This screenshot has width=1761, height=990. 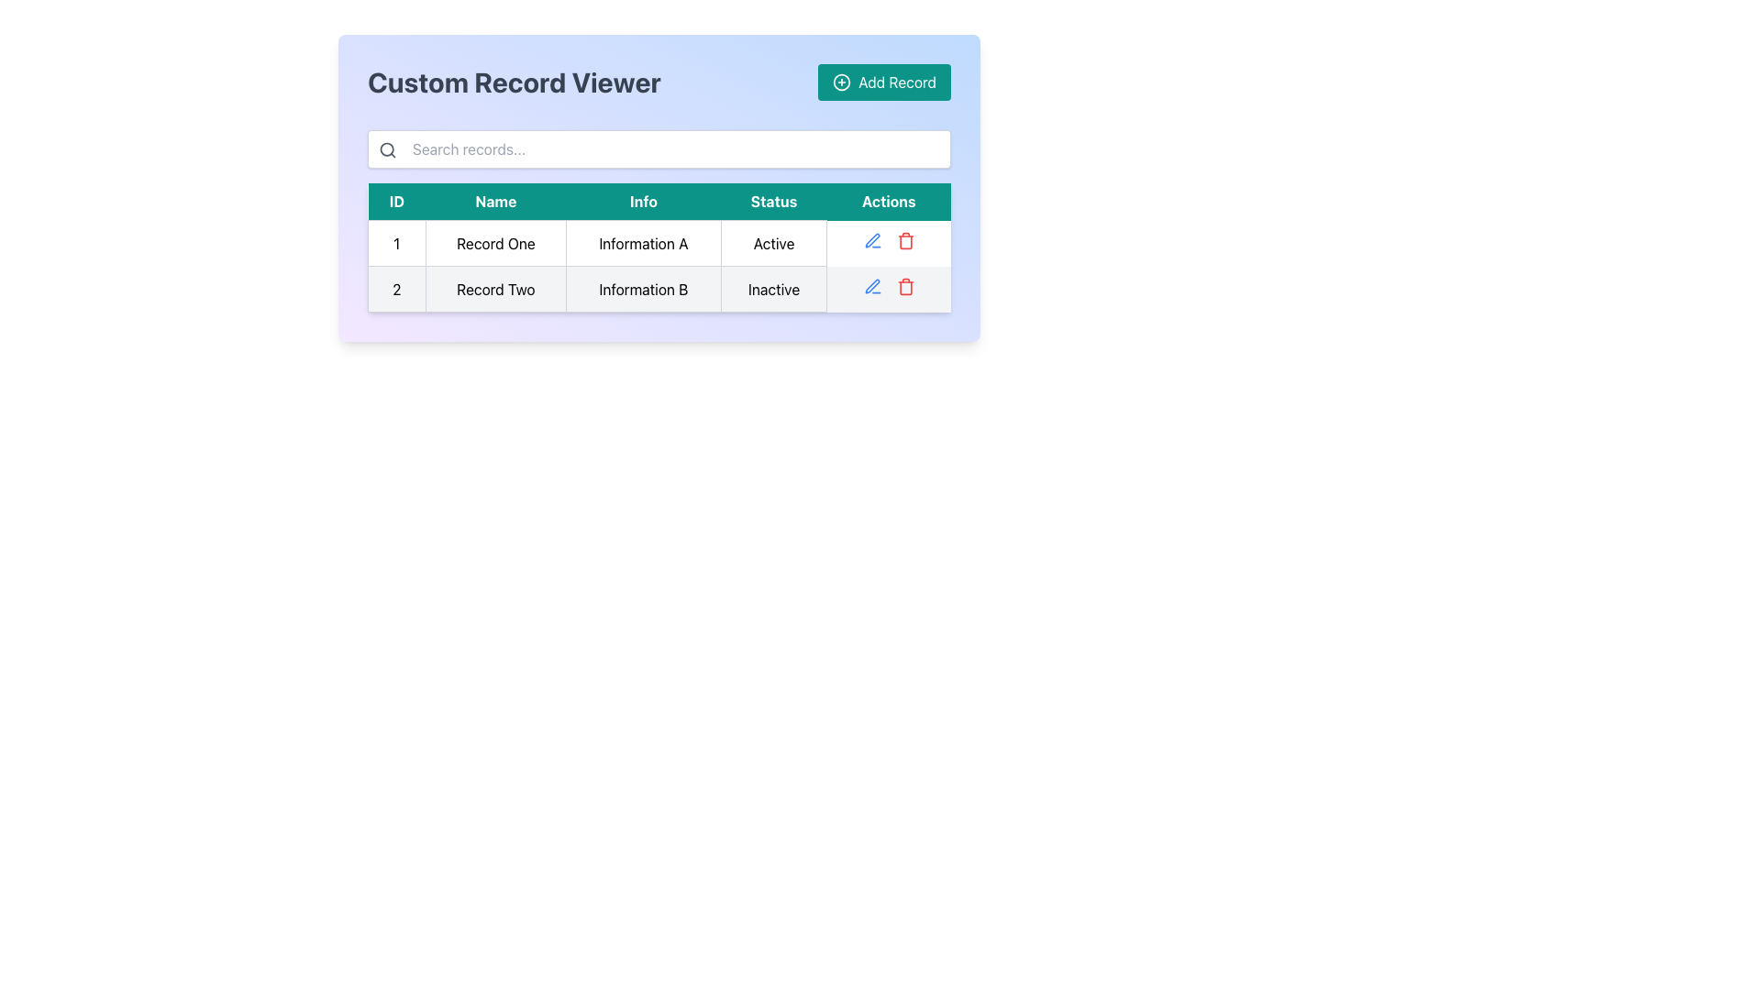 I want to click on the first interactive blue pen icon in the 'Actions' column of the second row in the table, so click(x=871, y=286).